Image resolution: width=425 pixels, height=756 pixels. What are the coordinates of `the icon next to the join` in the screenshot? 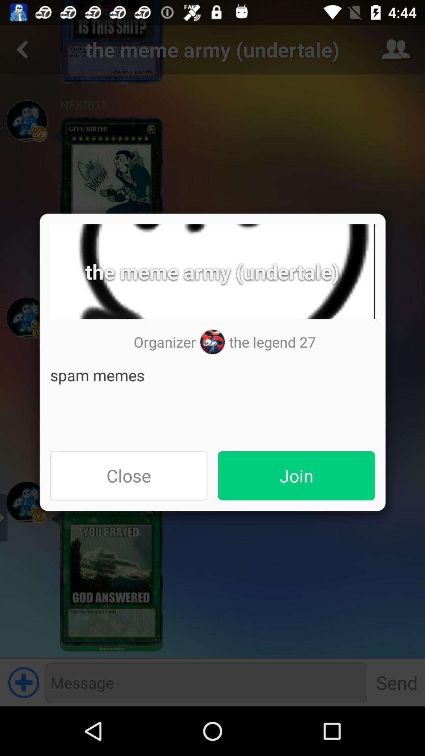 It's located at (128, 475).